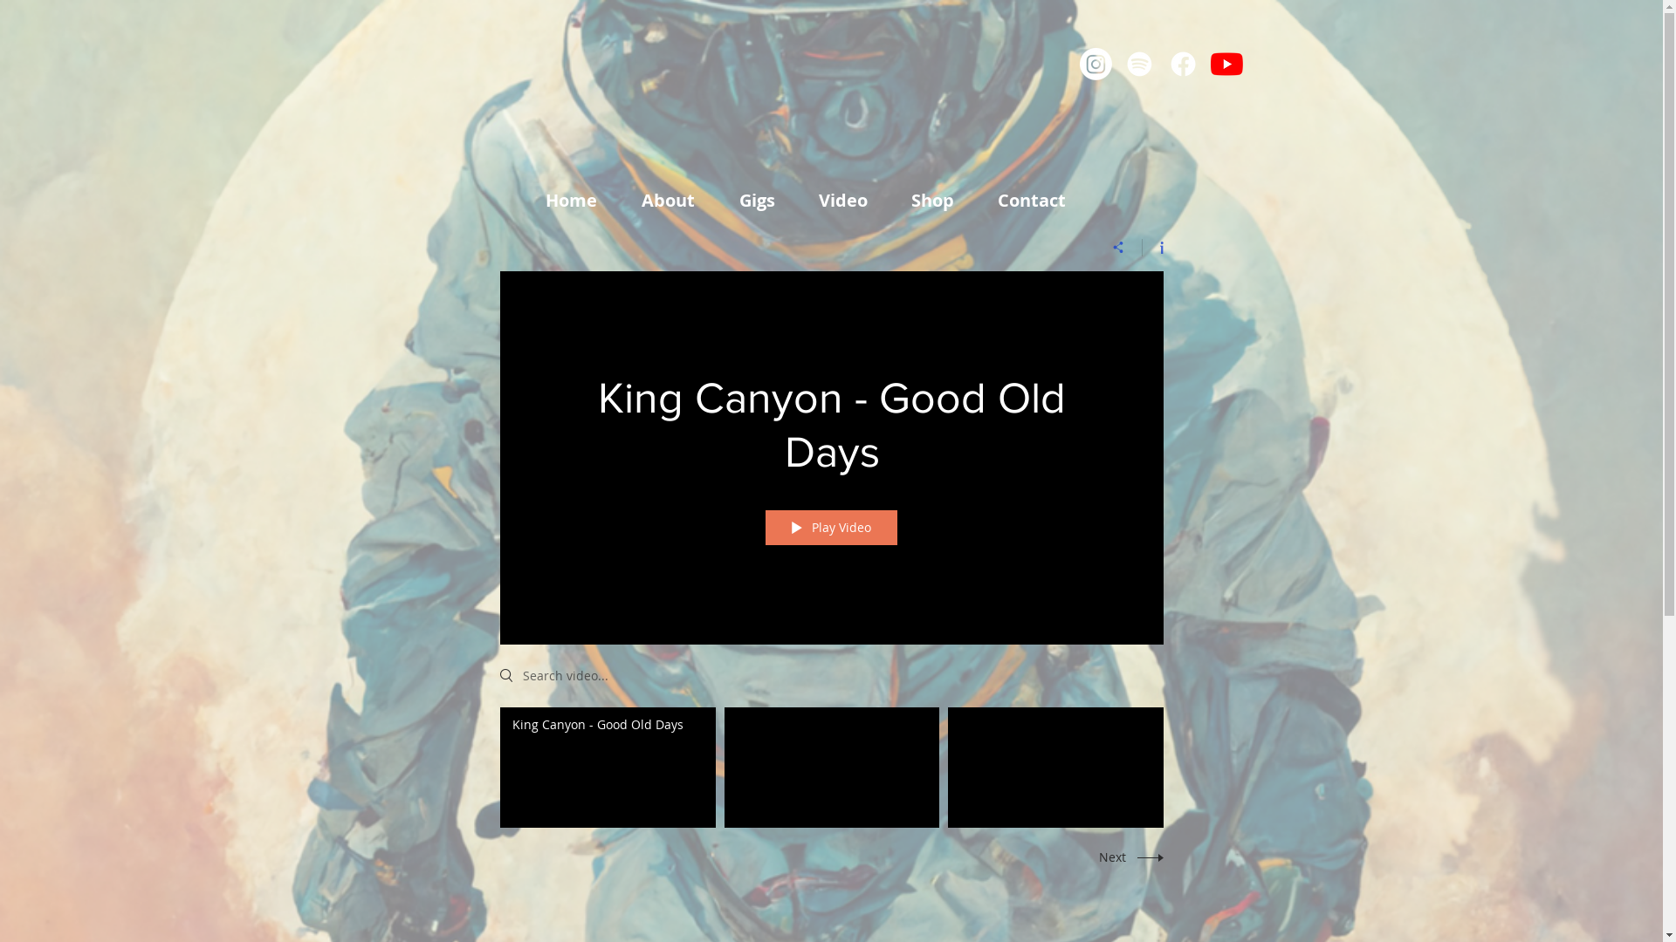 The height and width of the screenshot is (942, 1676). Describe the element at coordinates (1125, 856) in the screenshot. I see `'Next'` at that location.